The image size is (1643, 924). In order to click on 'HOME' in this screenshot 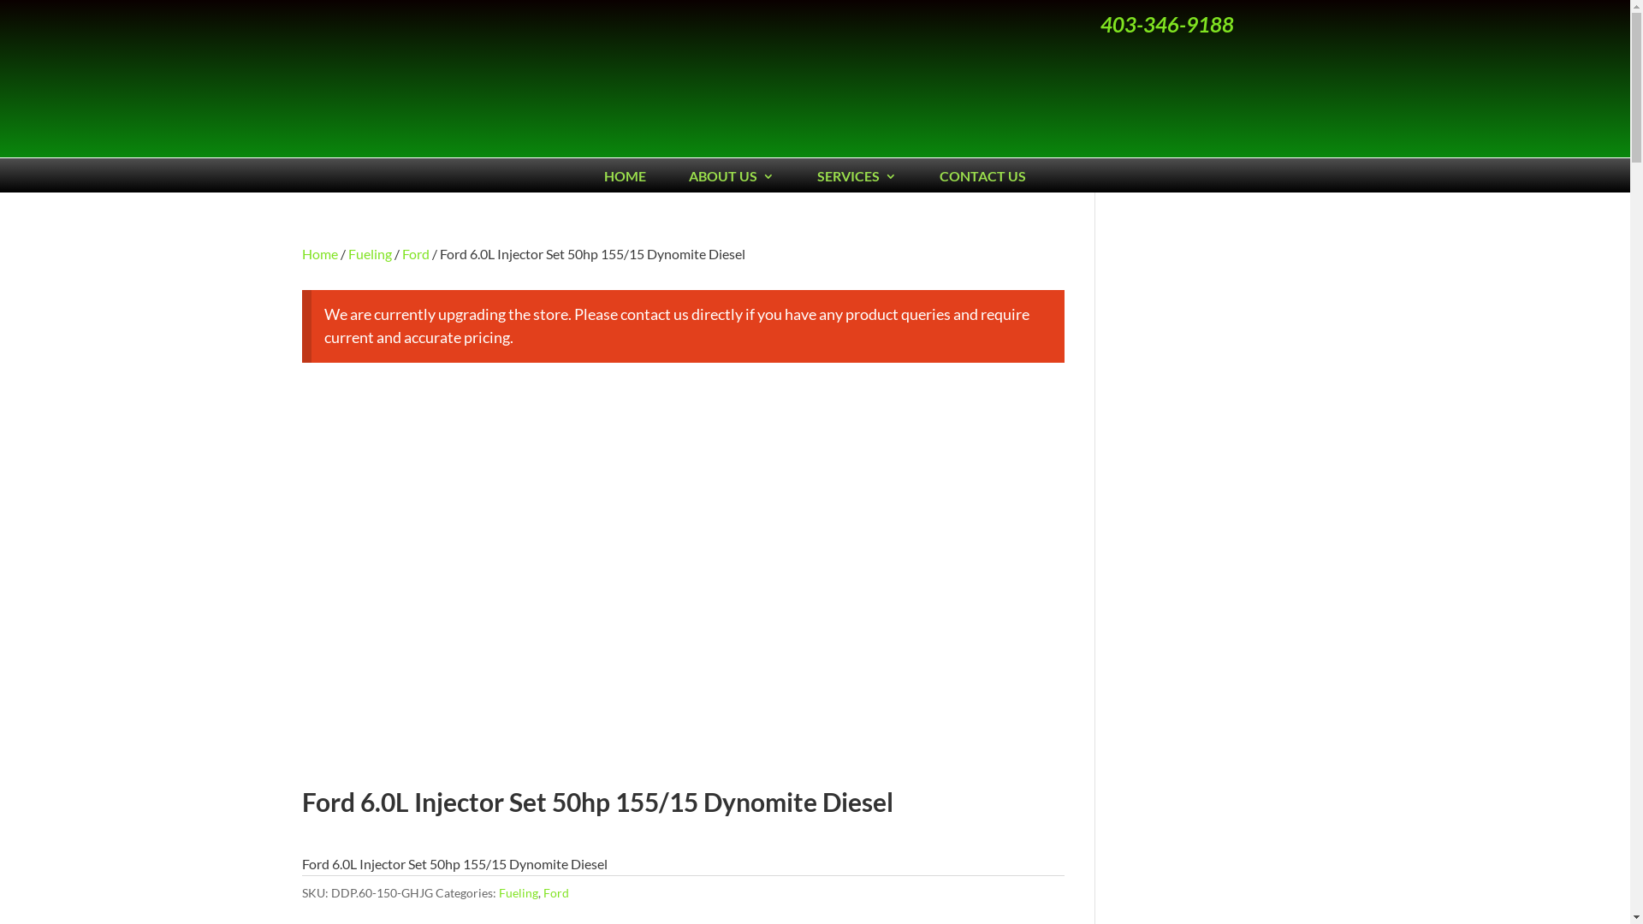, I will do `click(603, 179)`.